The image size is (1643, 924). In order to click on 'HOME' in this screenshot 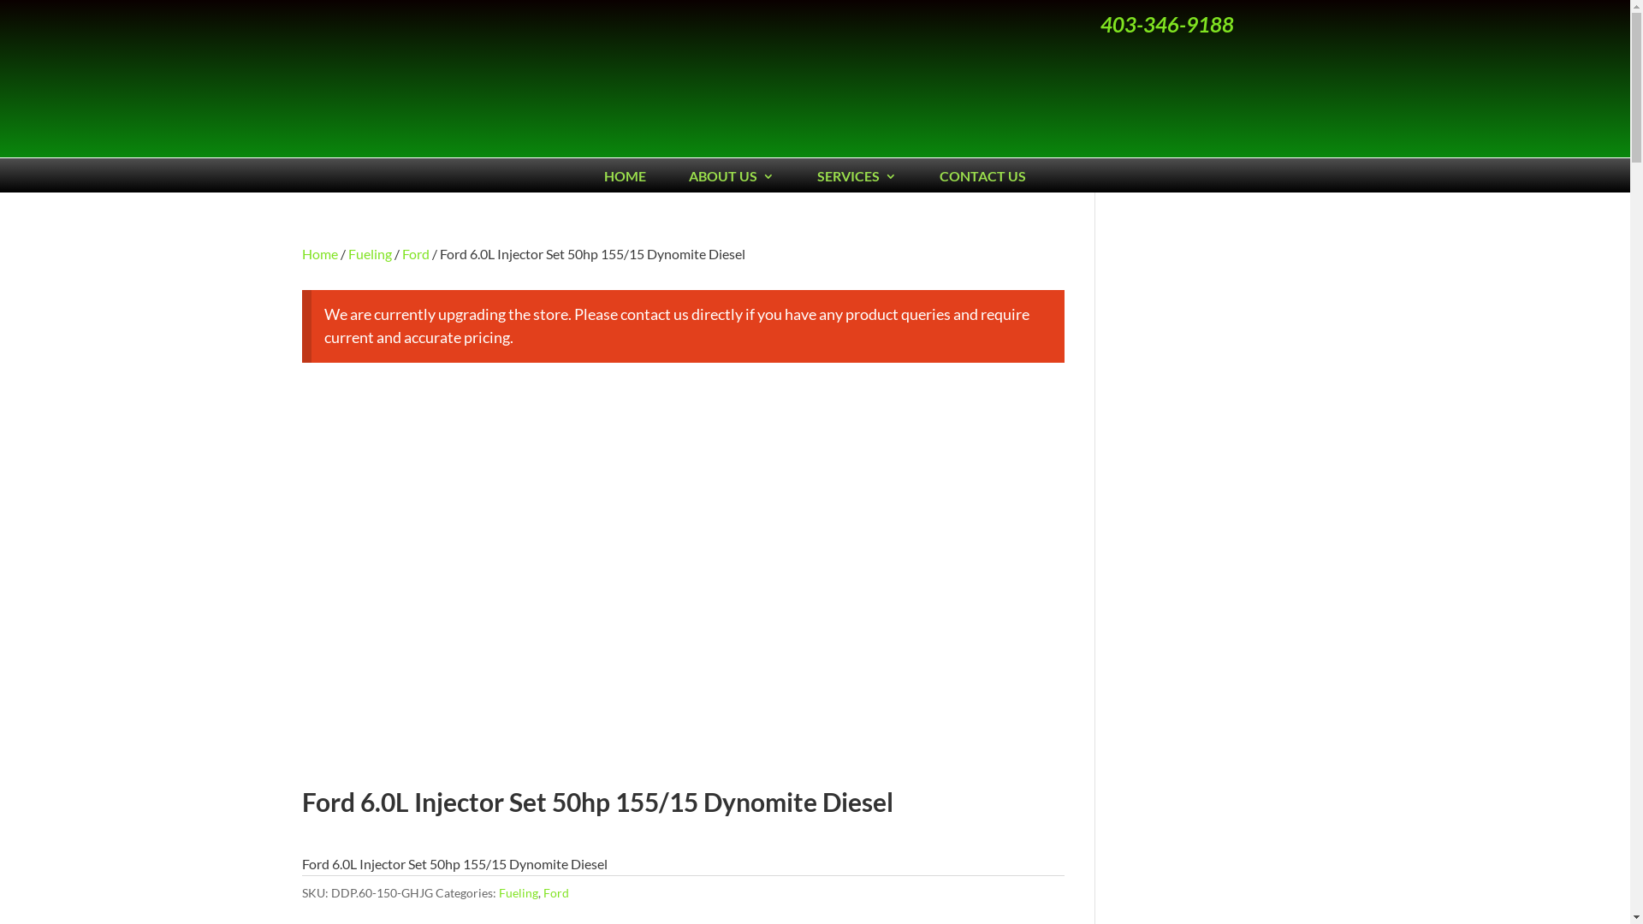, I will do `click(603, 179)`.